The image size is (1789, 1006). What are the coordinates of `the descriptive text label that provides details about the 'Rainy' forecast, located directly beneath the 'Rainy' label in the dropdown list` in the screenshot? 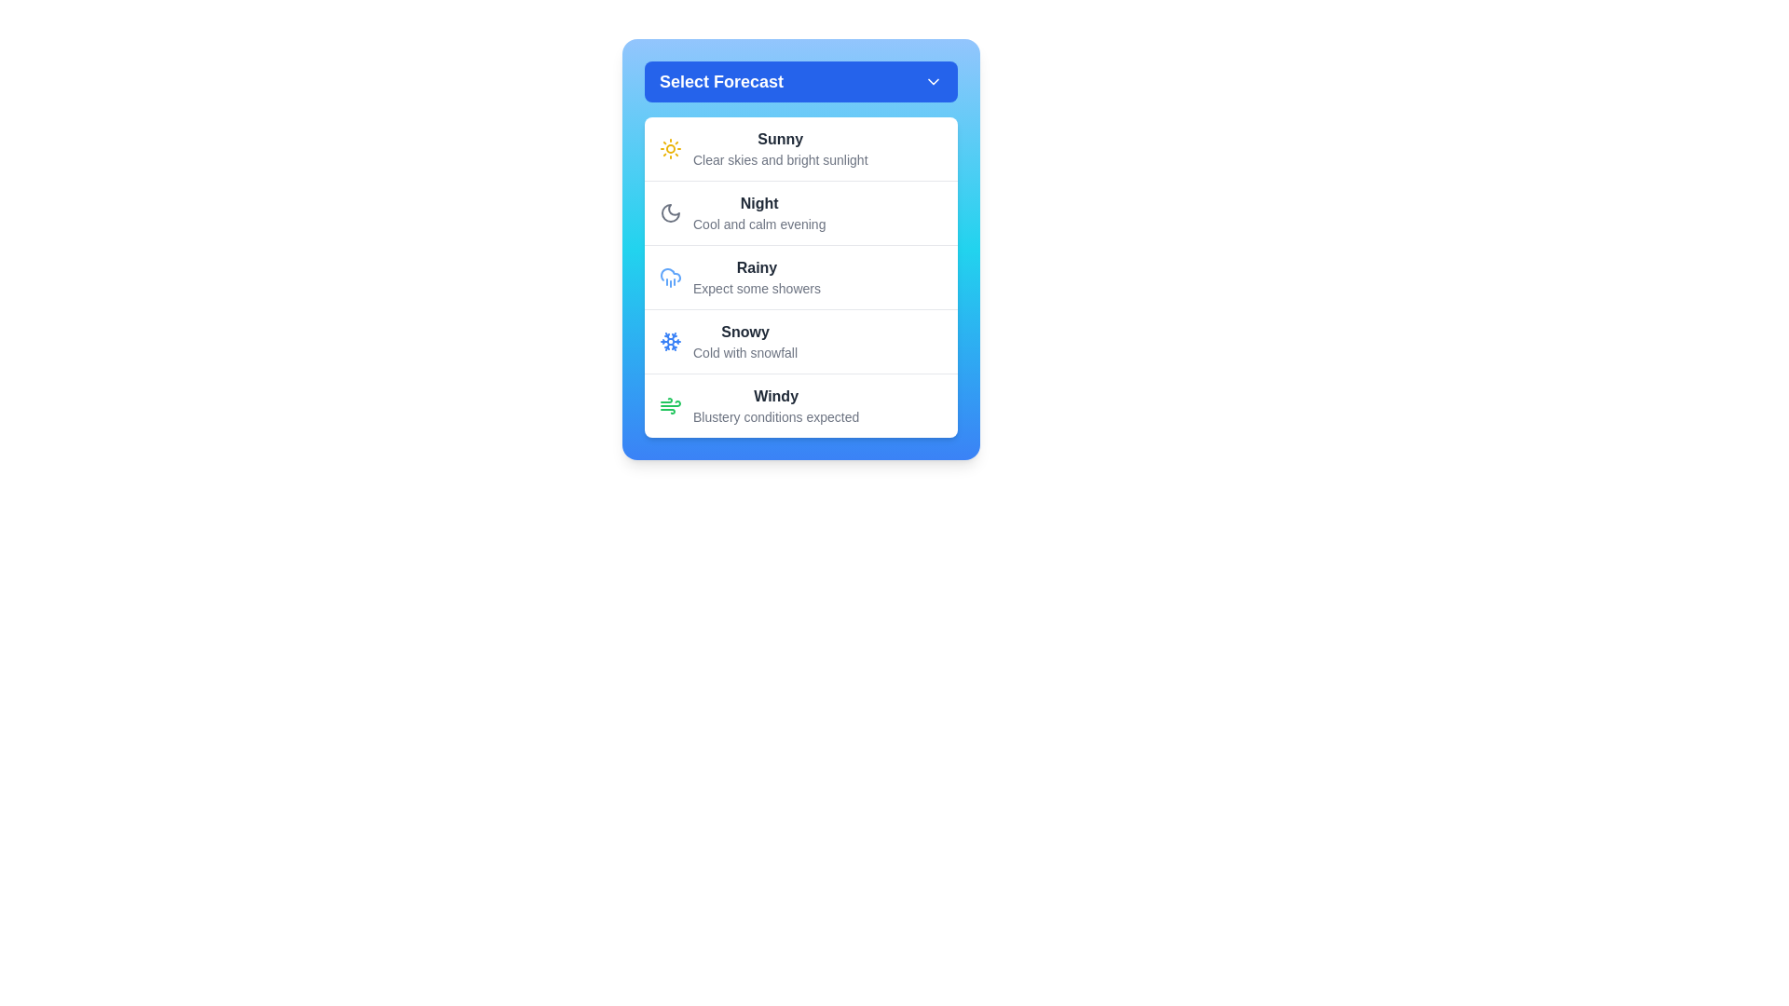 It's located at (757, 288).